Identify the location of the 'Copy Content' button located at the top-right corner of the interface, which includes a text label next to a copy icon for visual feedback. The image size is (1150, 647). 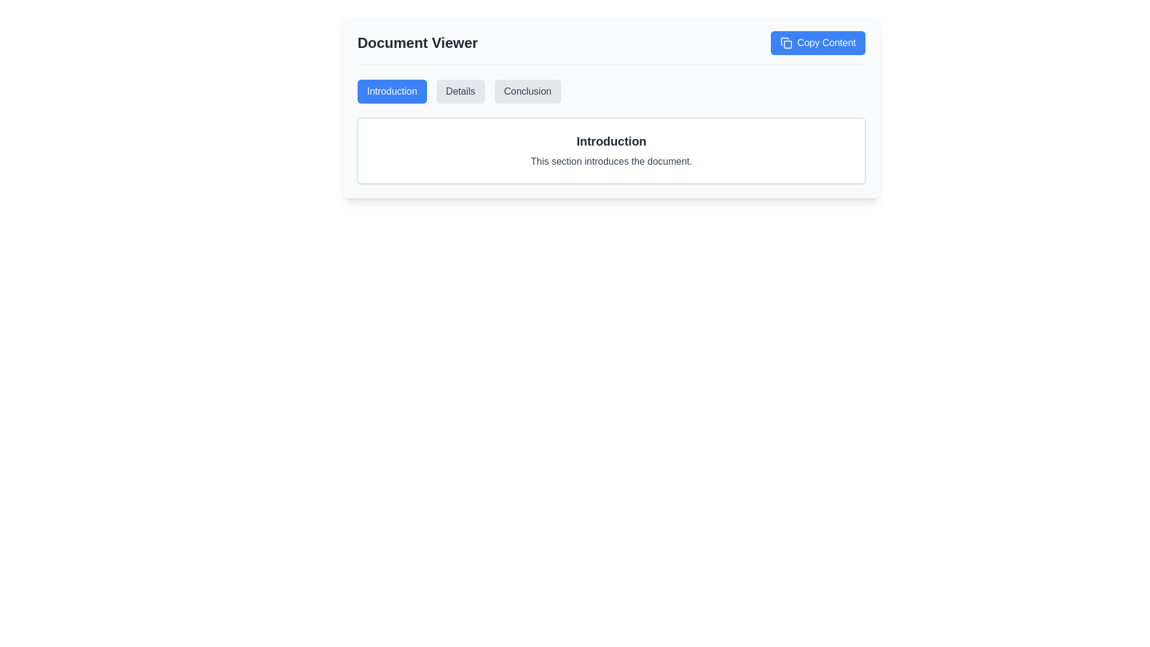
(826, 43).